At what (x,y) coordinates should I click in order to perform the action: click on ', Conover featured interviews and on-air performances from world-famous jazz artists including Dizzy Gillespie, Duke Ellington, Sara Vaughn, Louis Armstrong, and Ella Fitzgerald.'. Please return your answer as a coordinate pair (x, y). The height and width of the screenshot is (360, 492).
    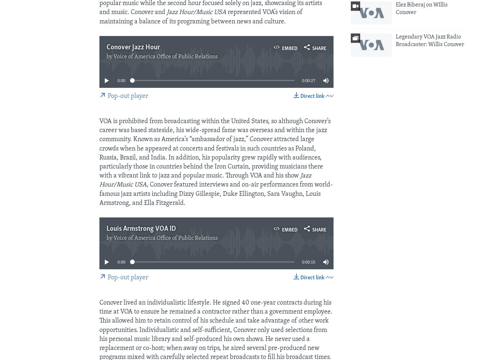
    Looking at the image, I should click on (99, 194).